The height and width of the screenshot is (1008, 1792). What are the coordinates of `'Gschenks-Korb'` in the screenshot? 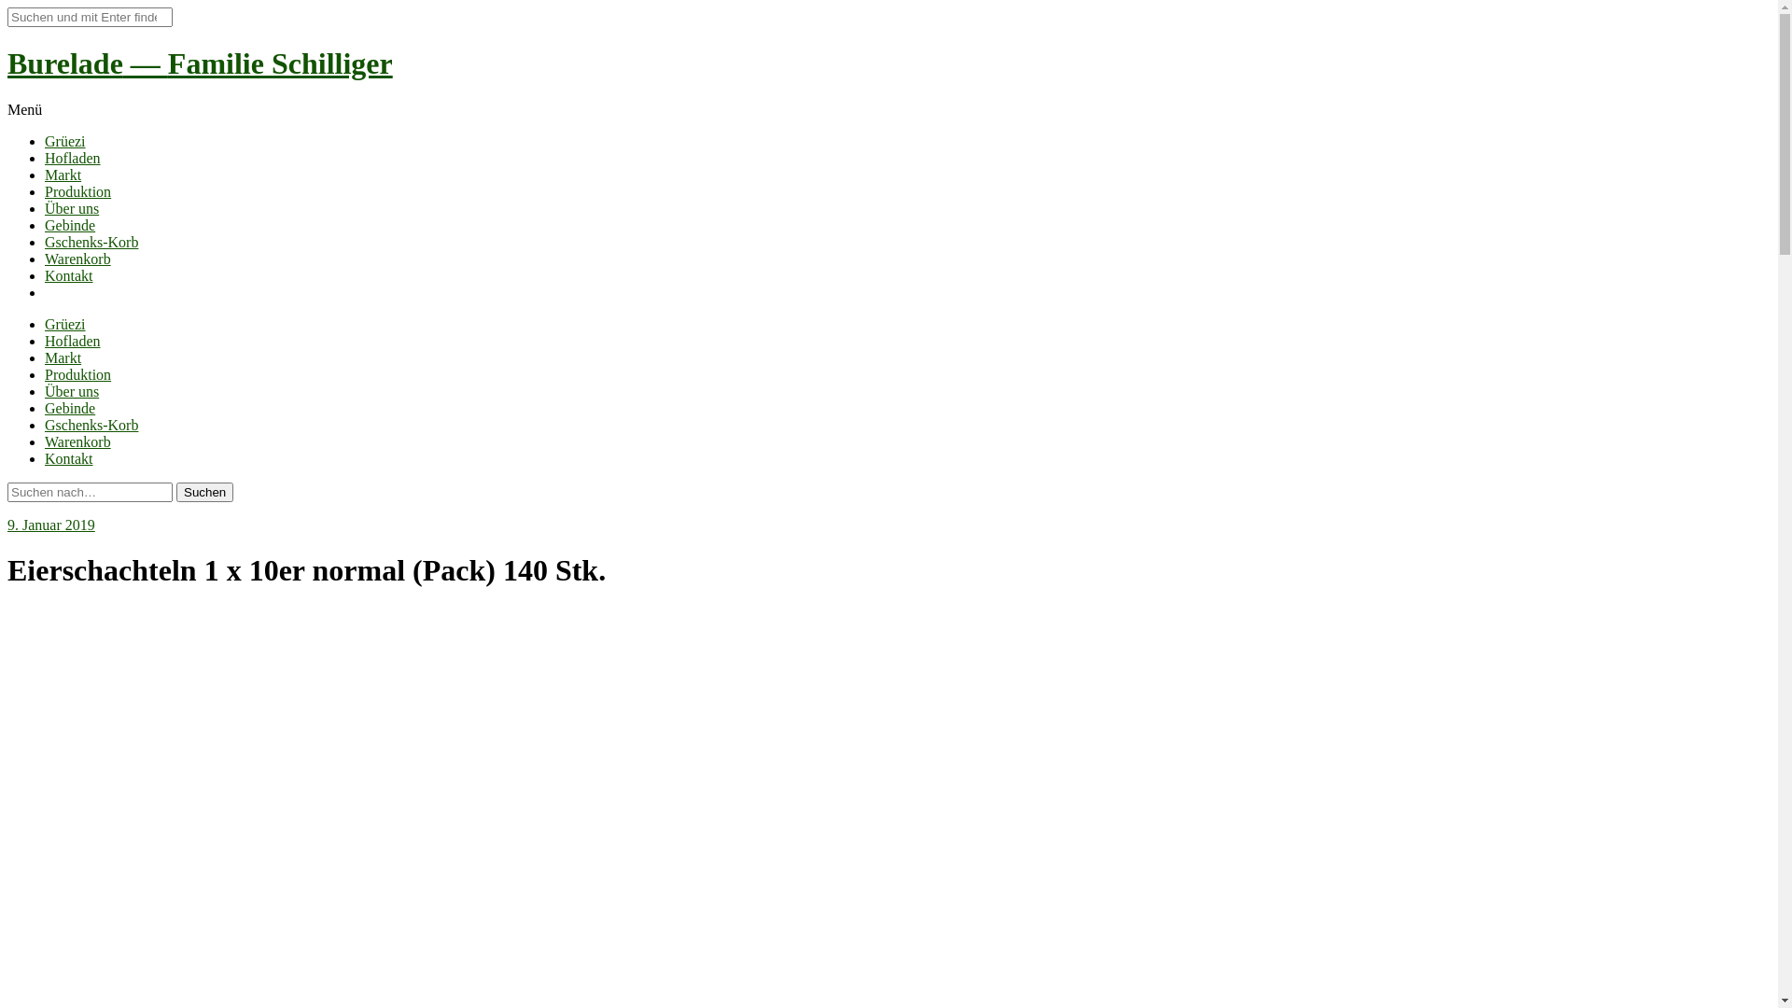 It's located at (90, 425).